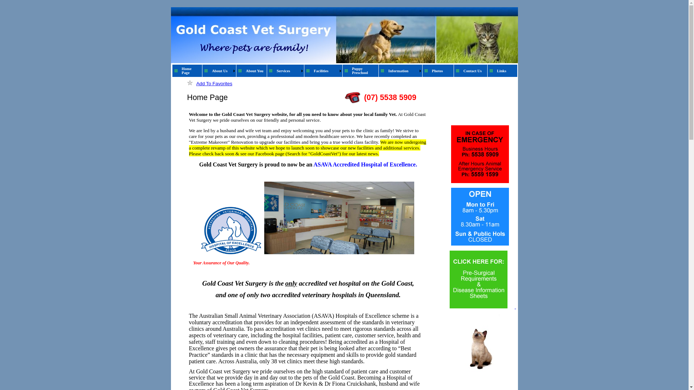 This screenshot has width=694, height=390. What do you see at coordinates (220, 70) in the screenshot?
I see `'About Us'` at bounding box center [220, 70].